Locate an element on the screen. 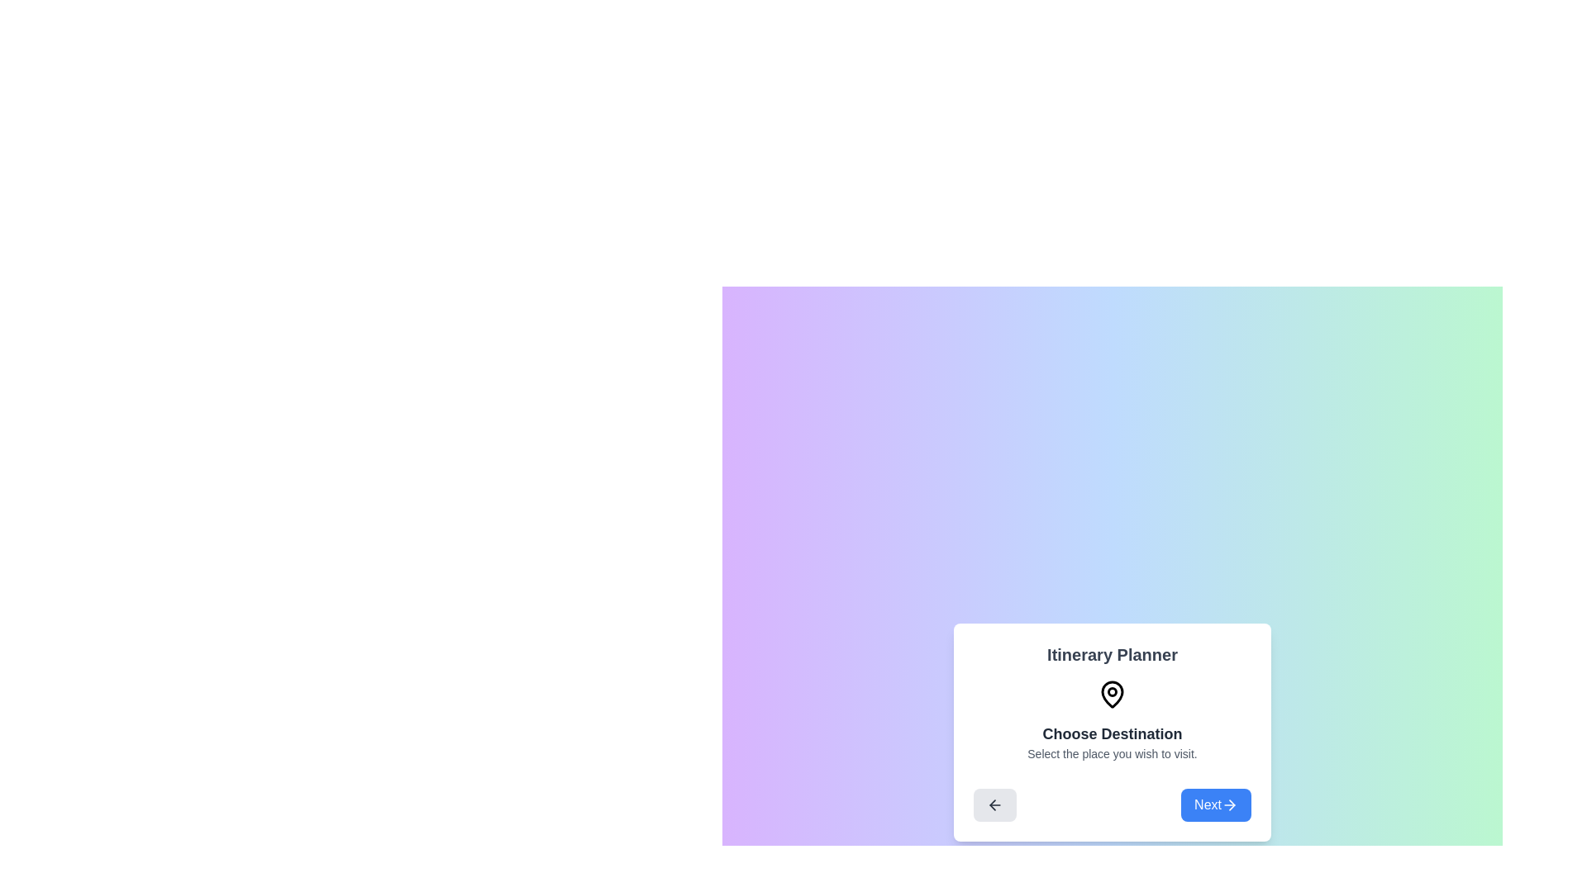 The width and height of the screenshot is (1587, 892). the left-pointing arrow icon, which is styled with a hollow outline design and is located within a rectangular button at the bottom left corner of the 'Itinerary Planner' card interface is located at coordinates (994, 804).